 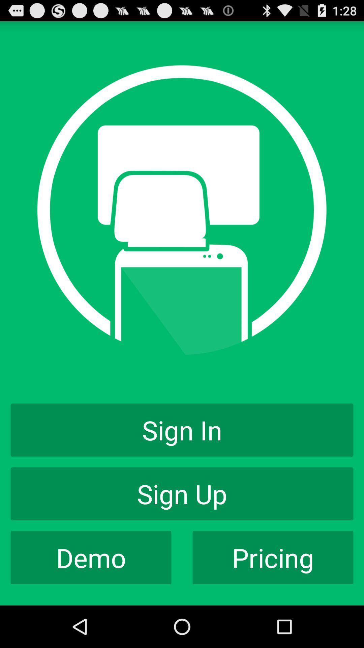 I want to click on app below the sign in, so click(x=182, y=494).